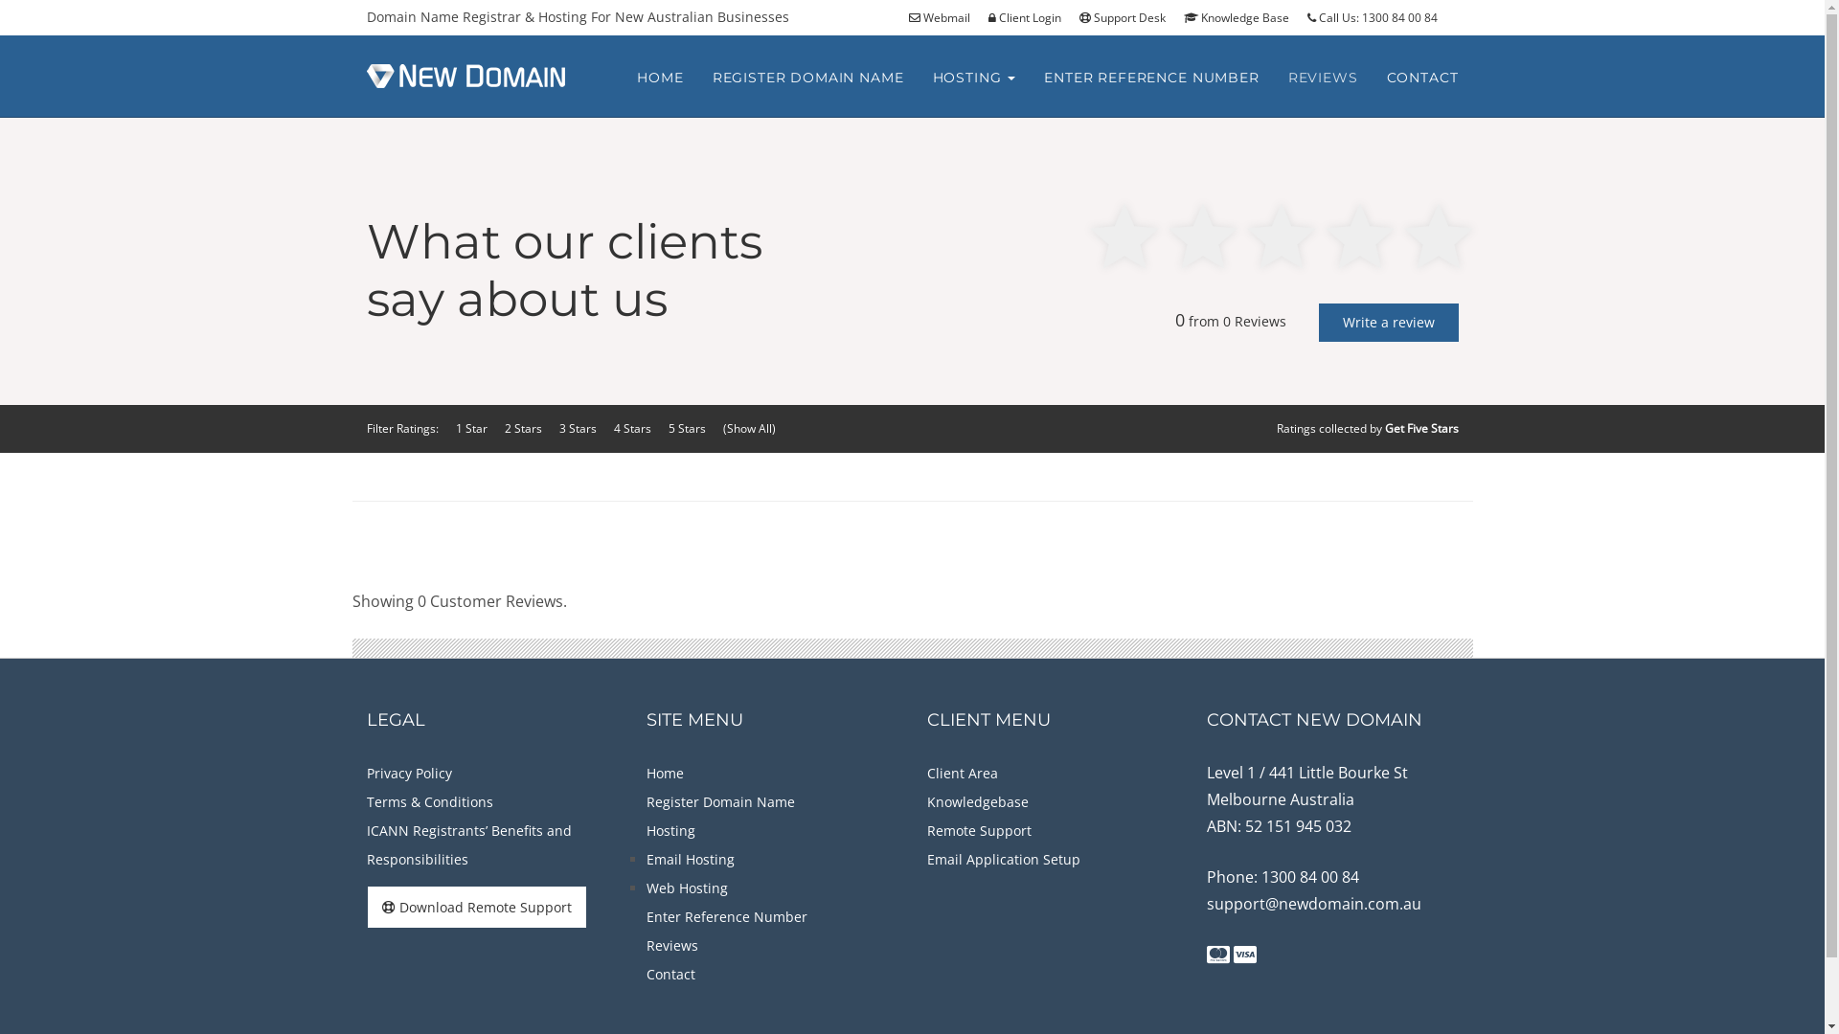 This screenshot has width=1839, height=1034. Describe the element at coordinates (1243, 17) in the screenshot. I see `'Knowledge Base'` at that location.